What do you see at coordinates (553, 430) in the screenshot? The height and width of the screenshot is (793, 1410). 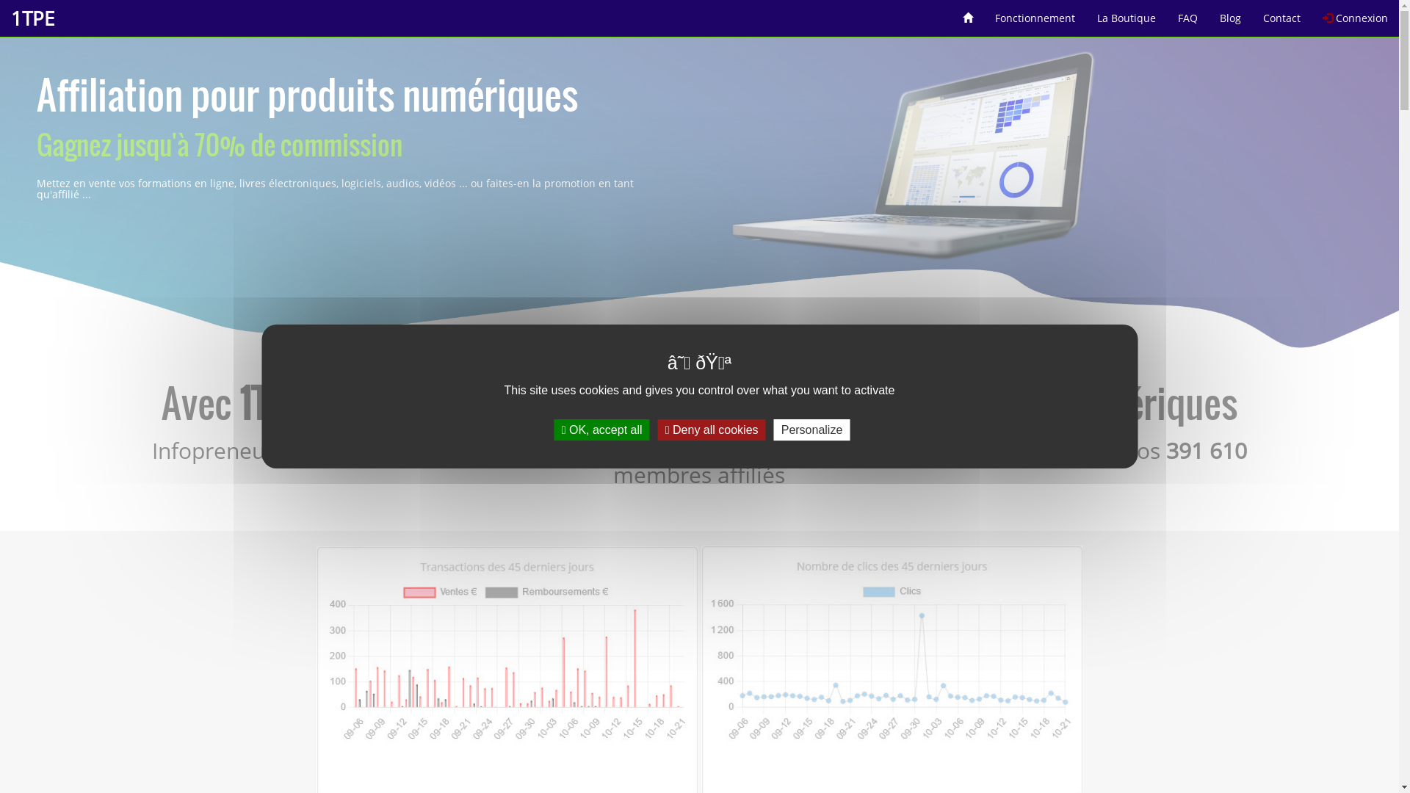 I see `'OK, accept all'` at bounding box center [553, 430].